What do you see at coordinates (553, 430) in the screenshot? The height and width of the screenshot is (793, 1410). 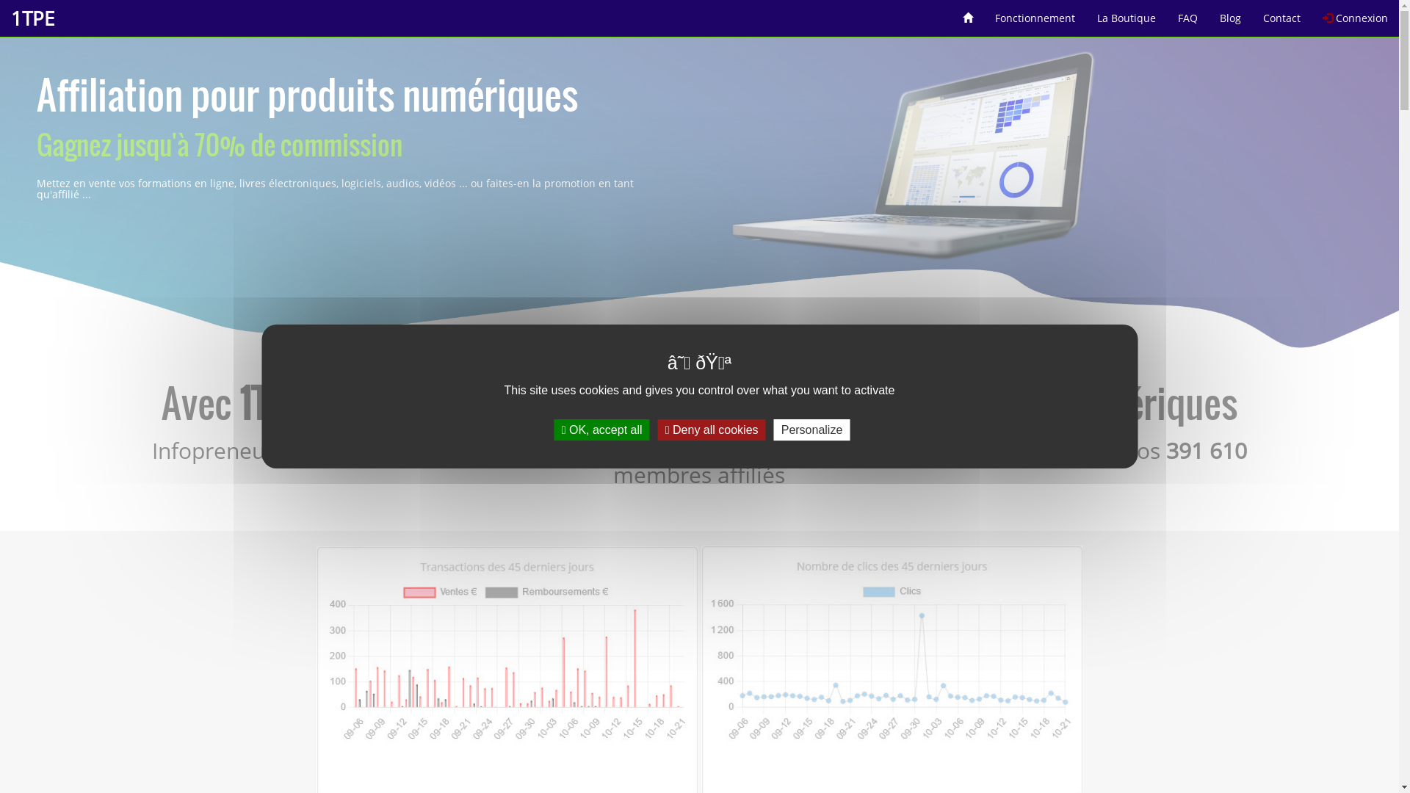 I see `'OK, accept all'` at bounding box center [553, 430].